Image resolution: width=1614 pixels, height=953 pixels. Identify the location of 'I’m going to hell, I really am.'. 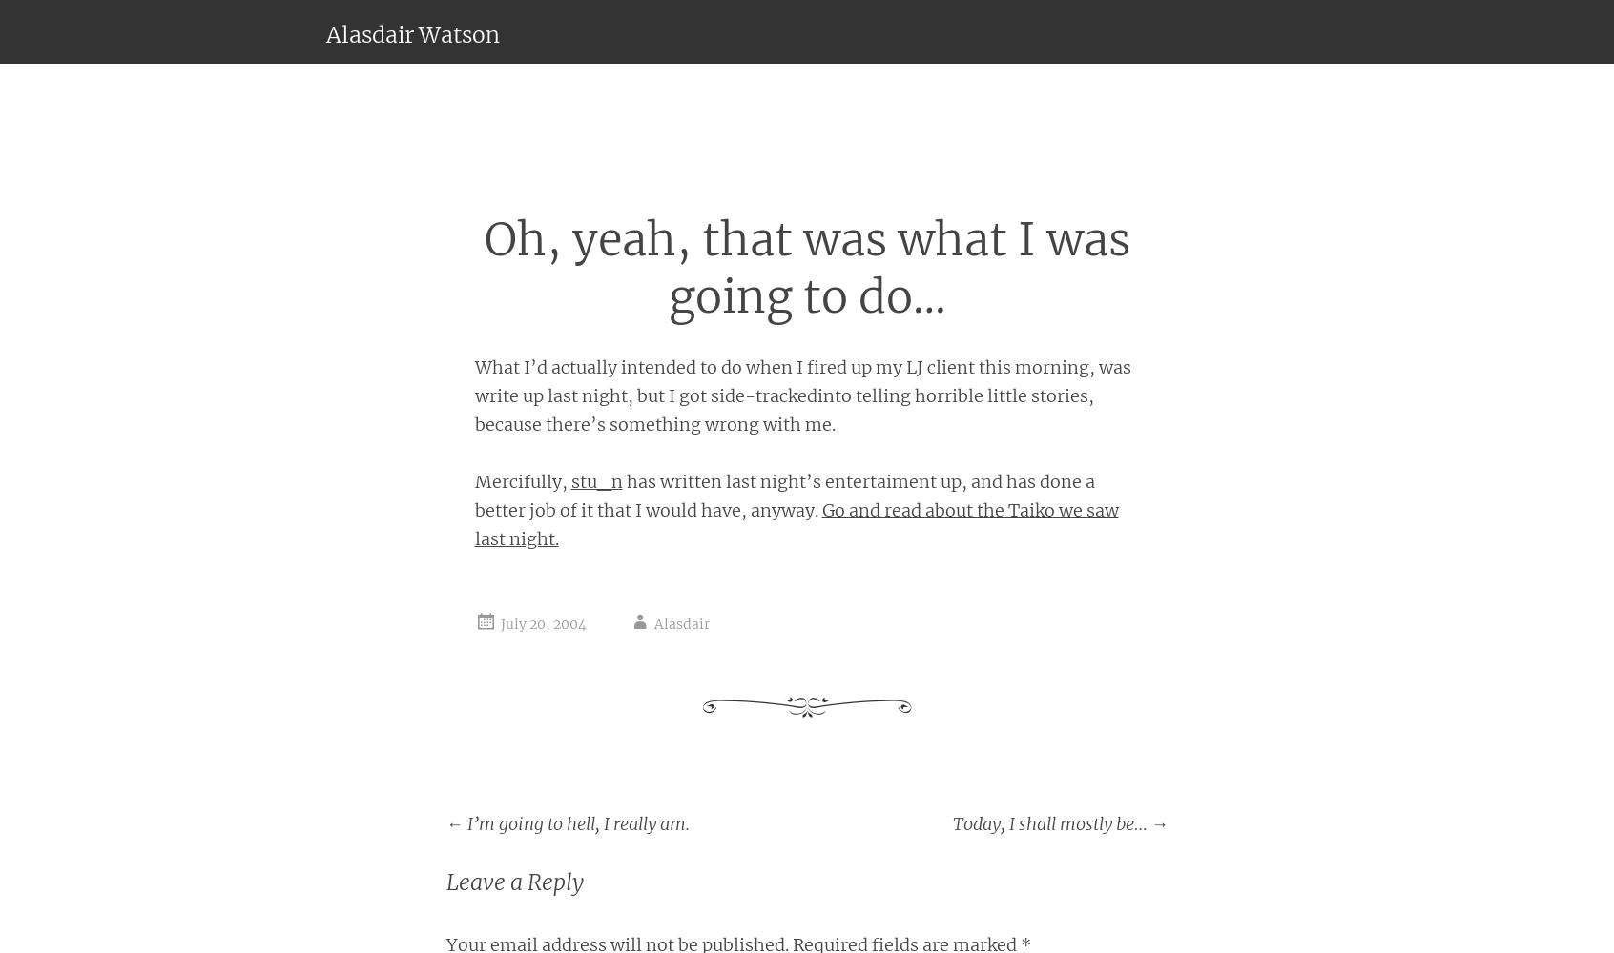
(461, 821).